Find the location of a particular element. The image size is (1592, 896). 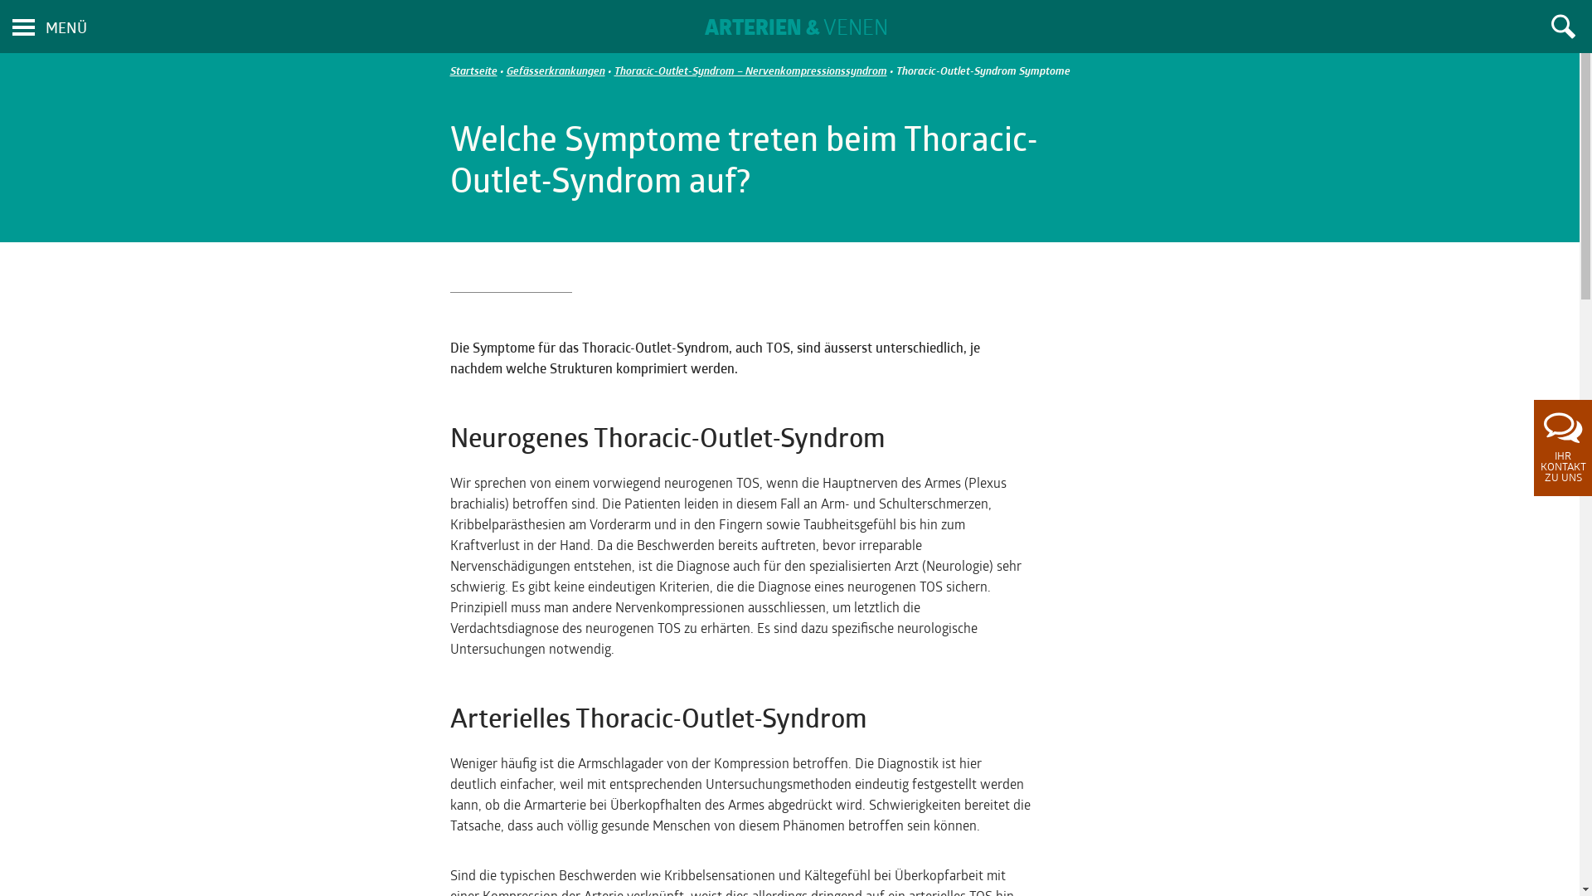

'ARTERIEN & VENEN' is located at coordinates (796, 29).